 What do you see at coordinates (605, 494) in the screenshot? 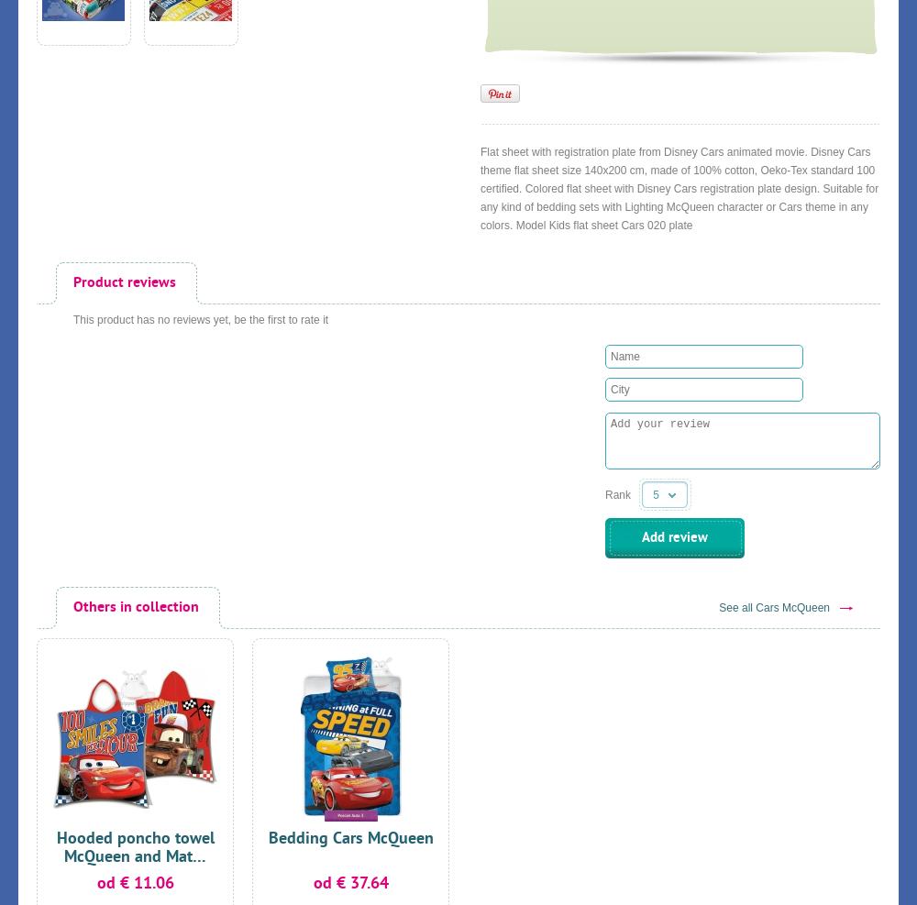
I see `'Rank'` at bounding box center [605, 494].